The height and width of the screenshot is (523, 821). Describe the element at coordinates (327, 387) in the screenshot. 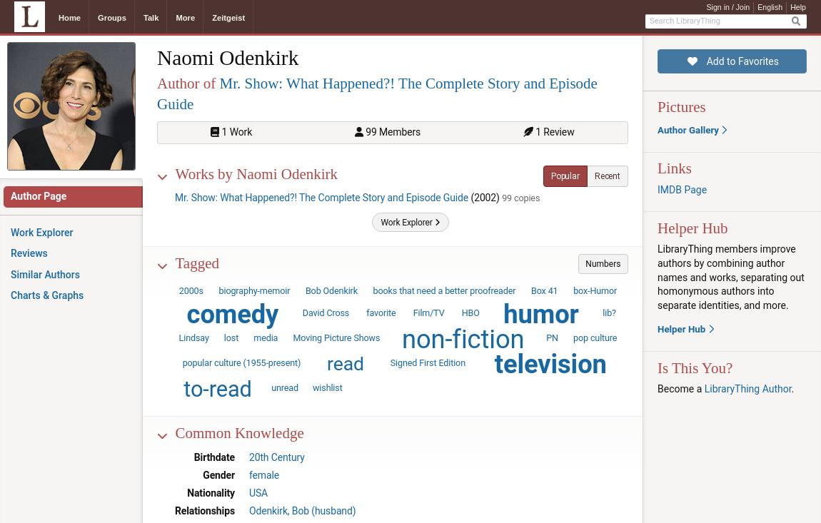

I see `'wishlist'` at that location.